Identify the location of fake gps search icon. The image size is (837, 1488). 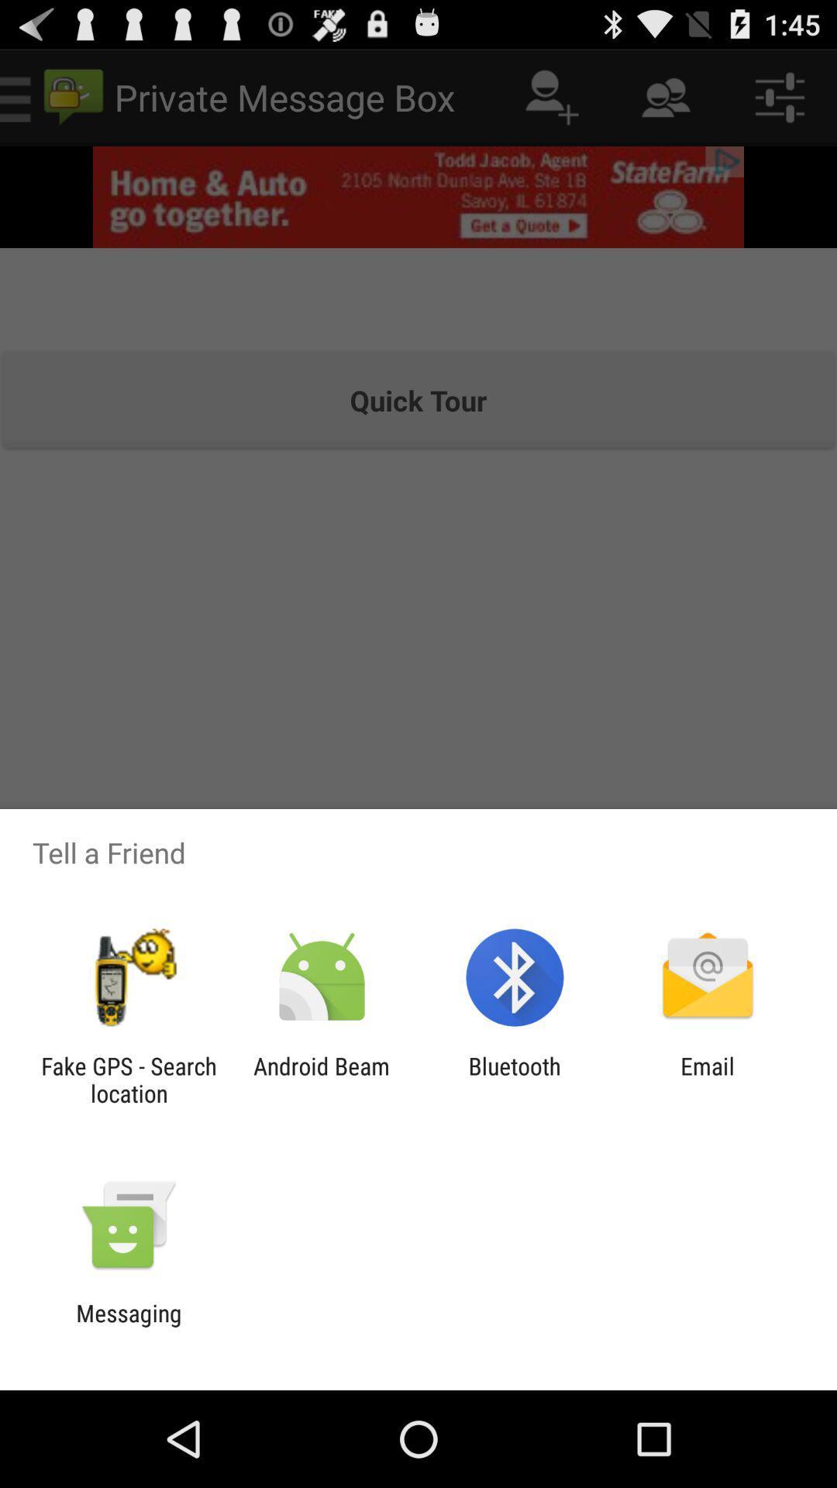
(128, 1079).